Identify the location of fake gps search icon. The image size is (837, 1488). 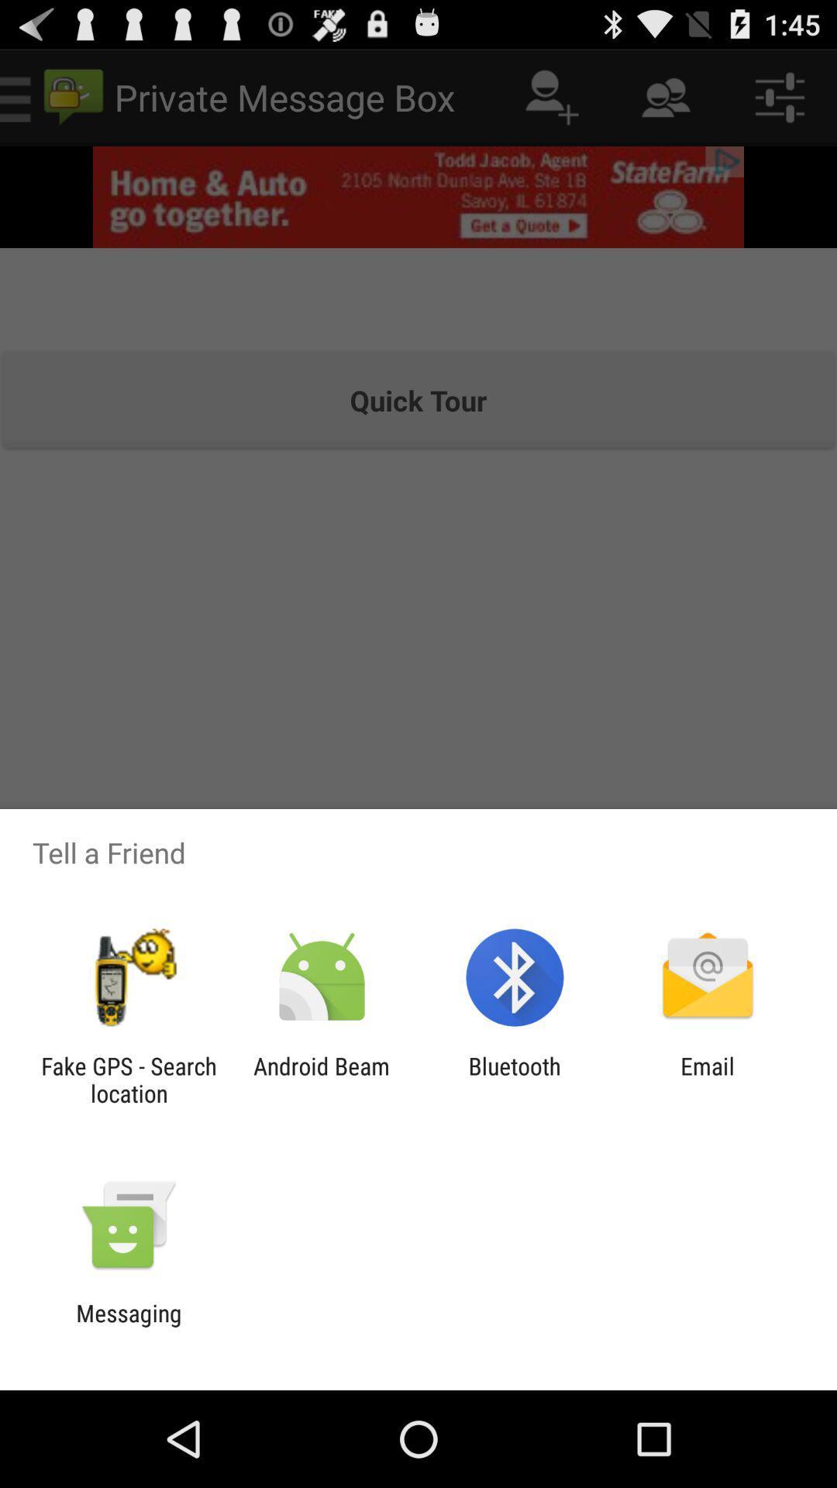
(128, 1079).